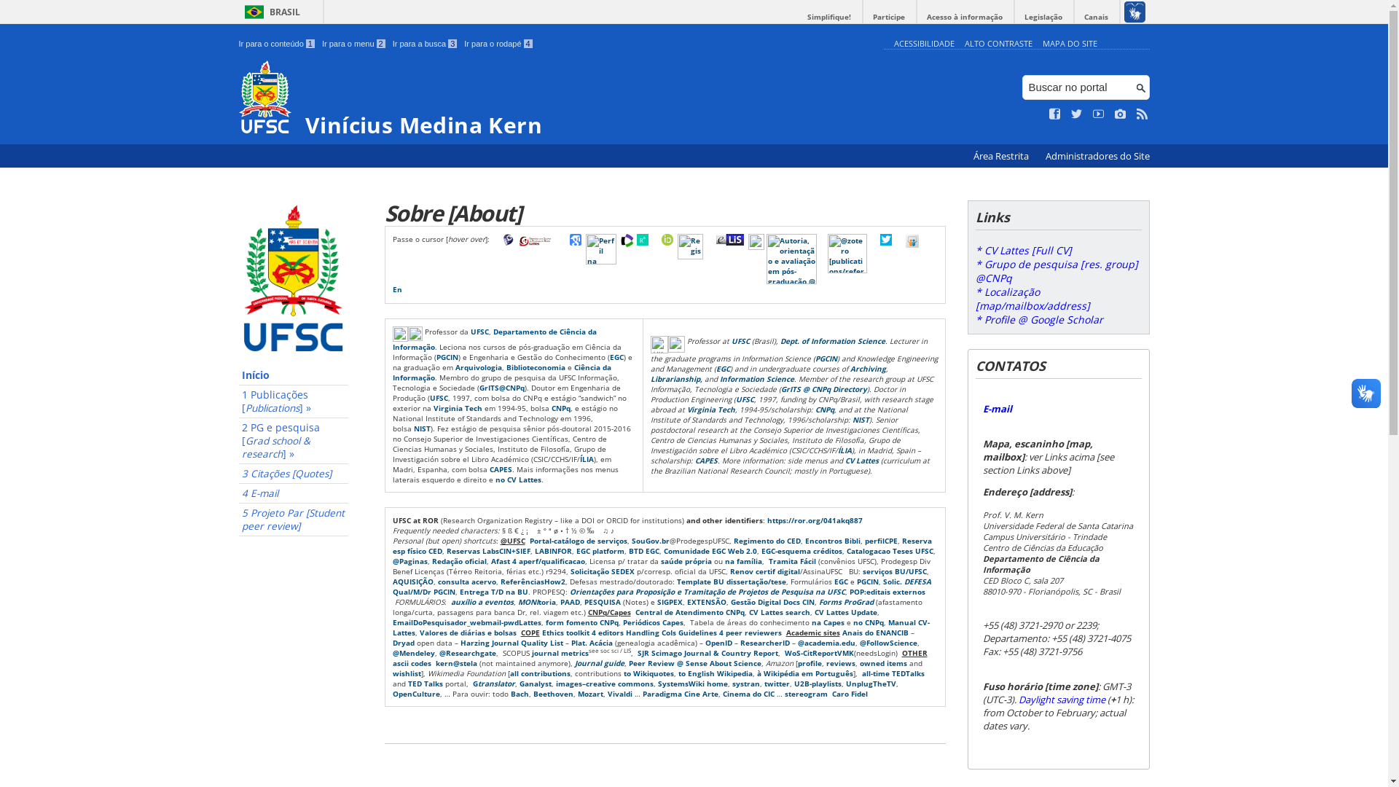 This screenshot has height=787, width=1399. What do you see at coordinates (694, 663) in the screenshot?
I see `'Peer Review @ Sense About Science'` at bounding box center [694, 663].